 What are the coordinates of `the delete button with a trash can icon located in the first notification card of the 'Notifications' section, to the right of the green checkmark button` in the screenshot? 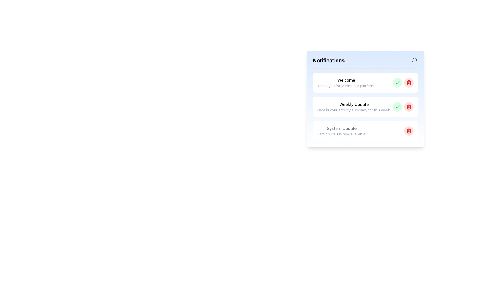 It's located at (408, 83).